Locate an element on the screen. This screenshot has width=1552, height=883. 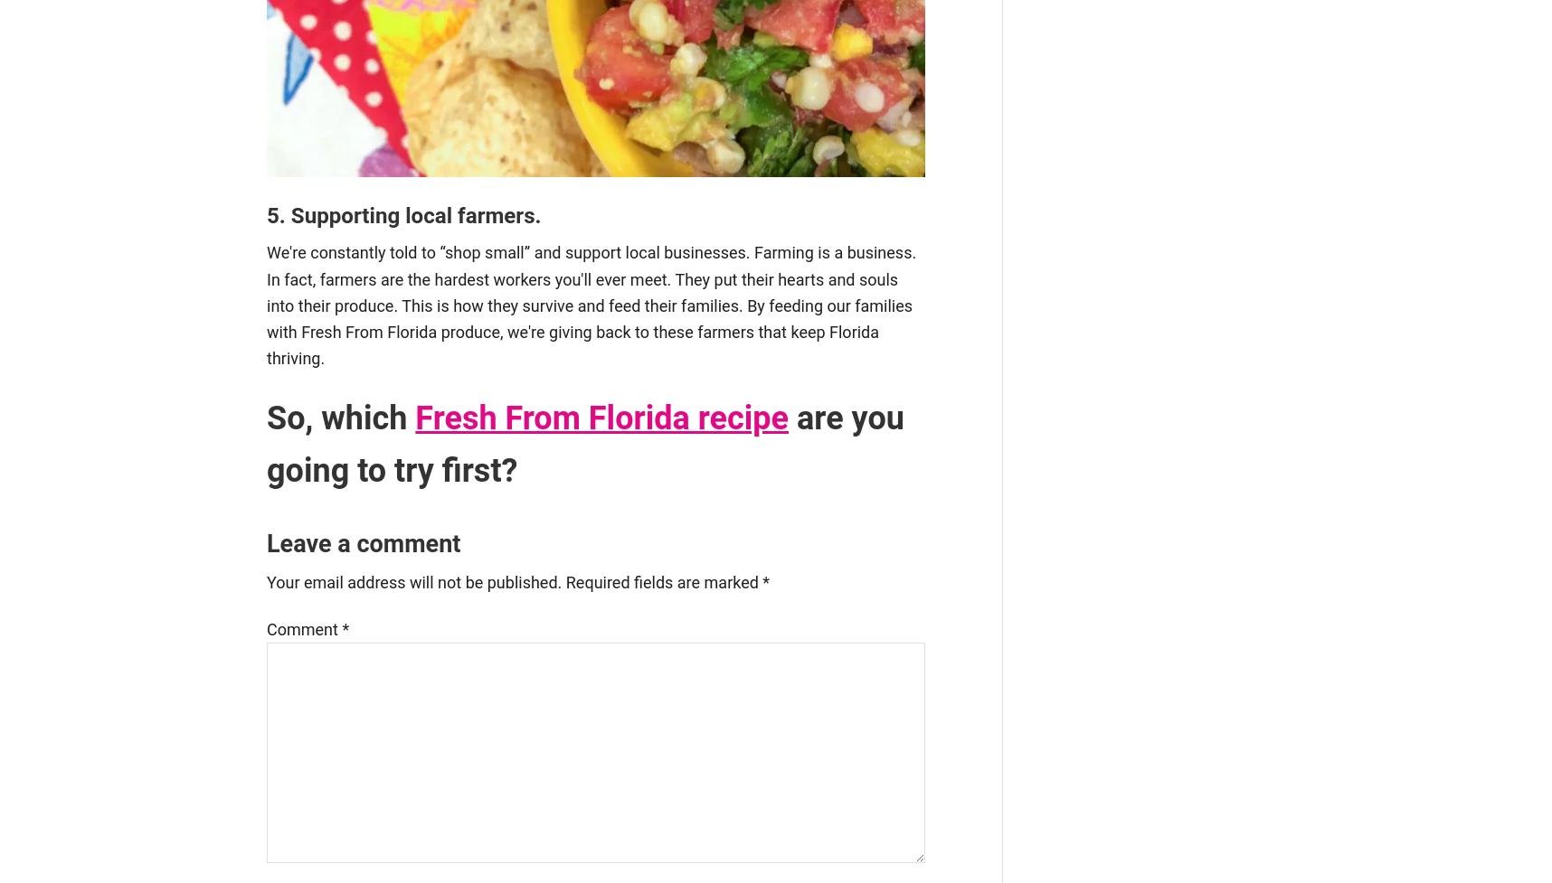
'5. Supporting local farmers.' is located at coordinates (402, 214).